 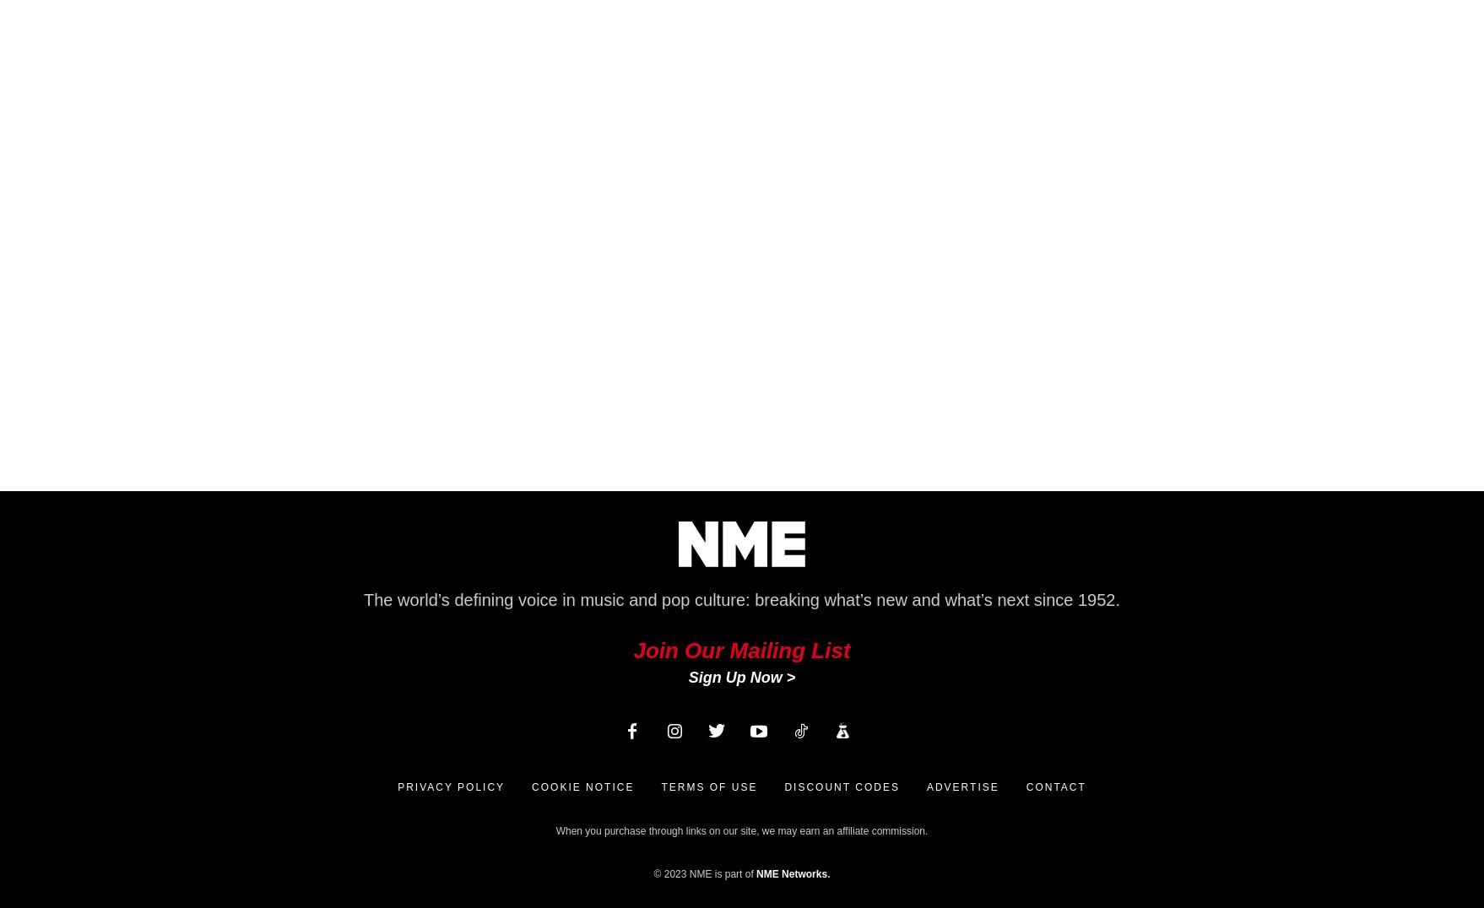 What do you see at coordinates (924, 786) in the screenshot?
I see `'Advertise'` at bounding box center [924, 786].